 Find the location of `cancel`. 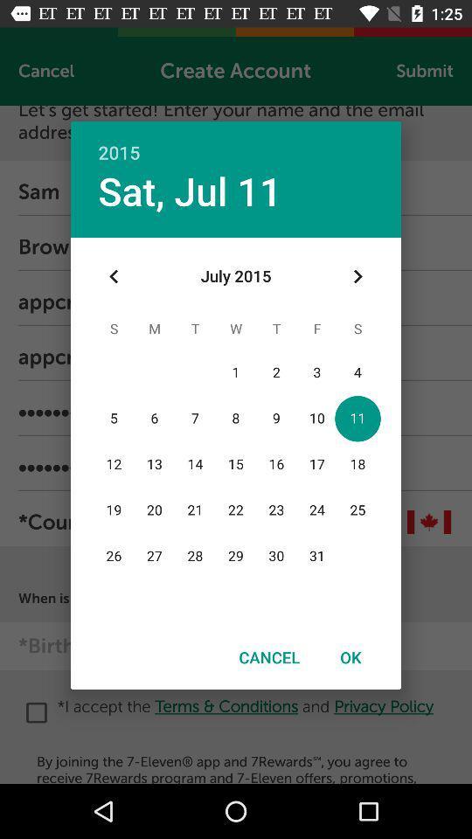

cancel is located at coordinates (269, 656).